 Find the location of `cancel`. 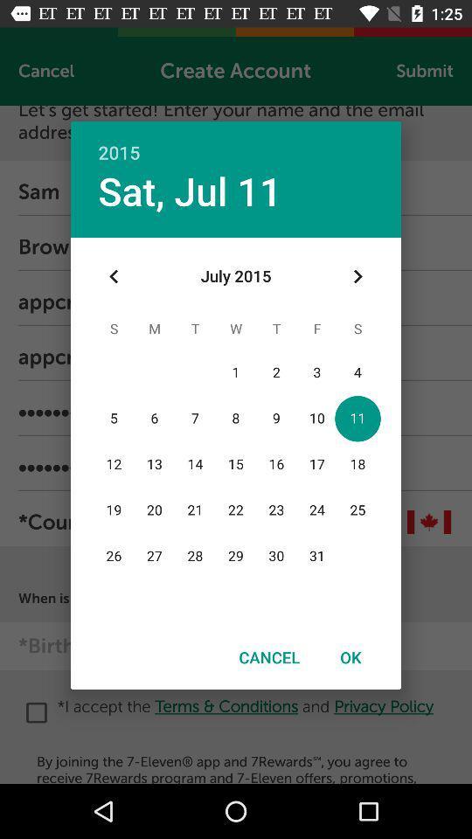

cancel is located at coordinates (269, 656).